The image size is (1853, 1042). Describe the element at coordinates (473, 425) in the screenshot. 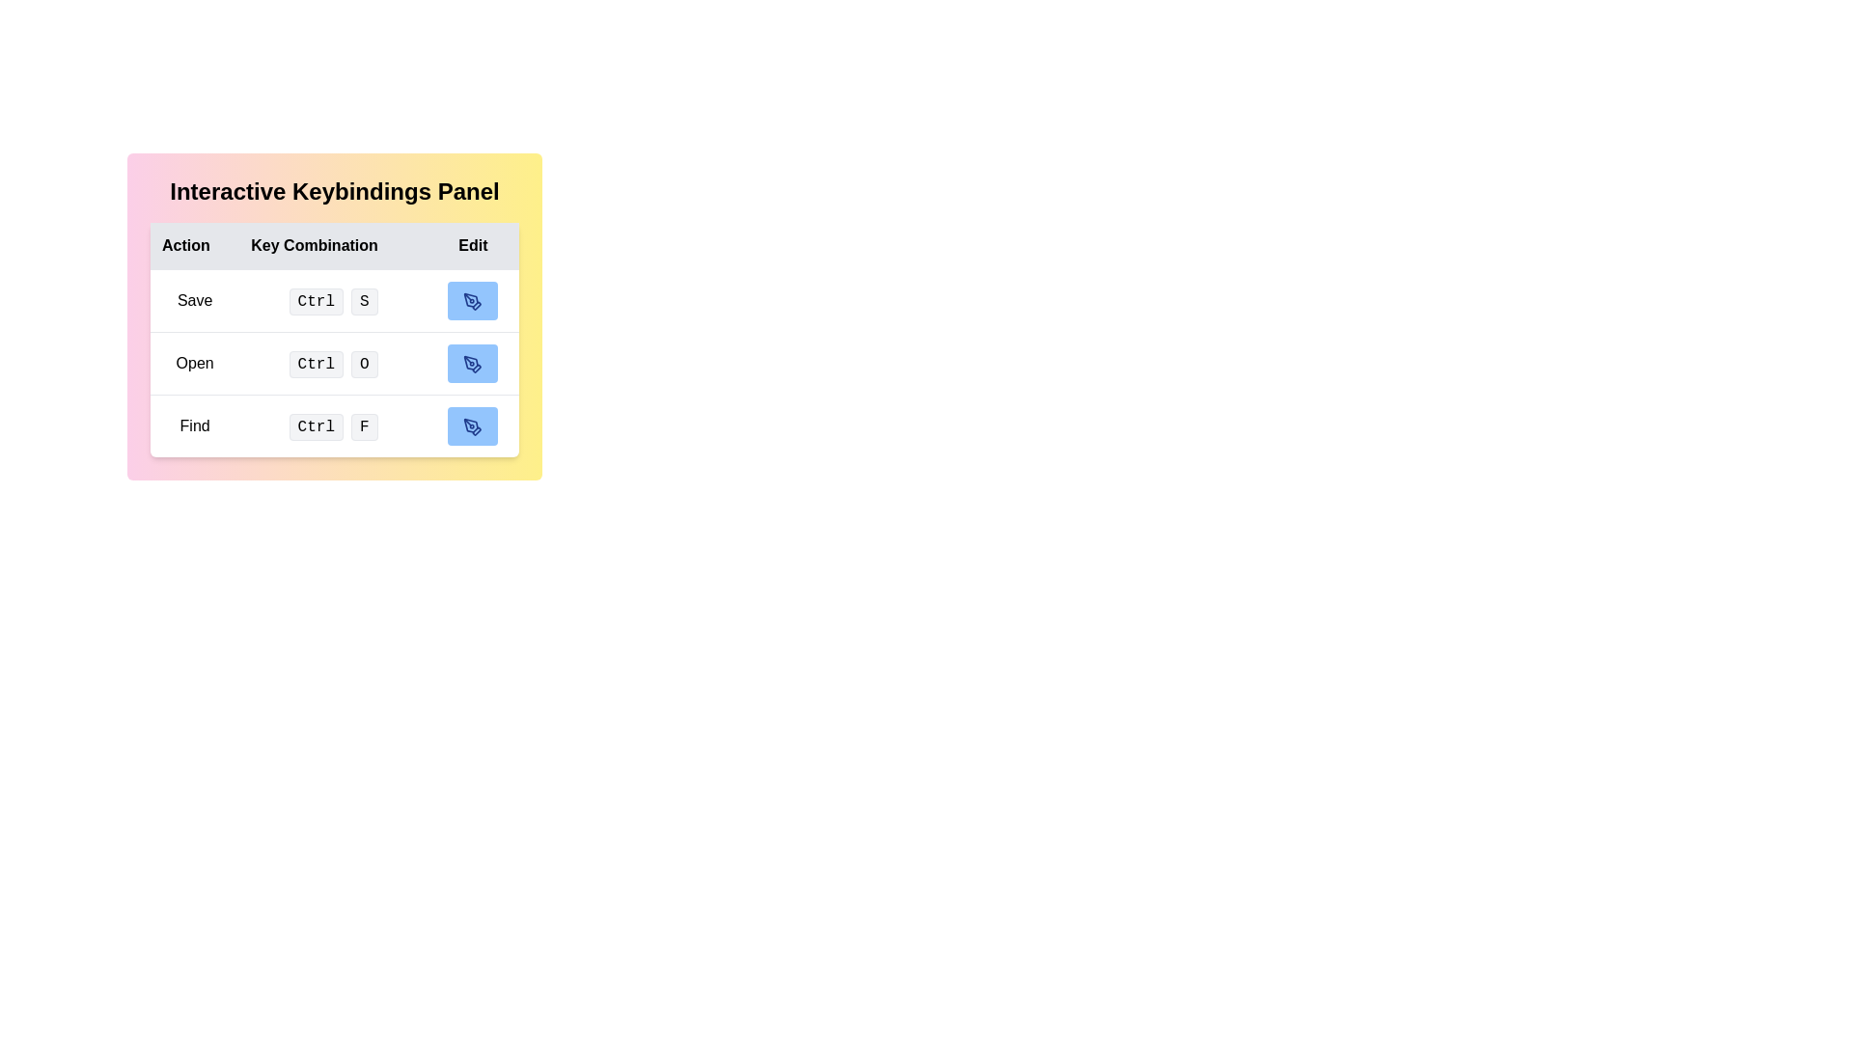

I see `the 'Edit' button in the 'Interactive Keybindings Panel' that corresponds to the 'Find' action` at that location.